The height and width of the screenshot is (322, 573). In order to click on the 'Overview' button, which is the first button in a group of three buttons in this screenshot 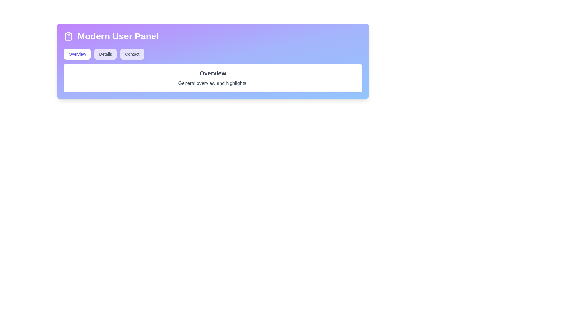, I will do `click(77, 54)`.